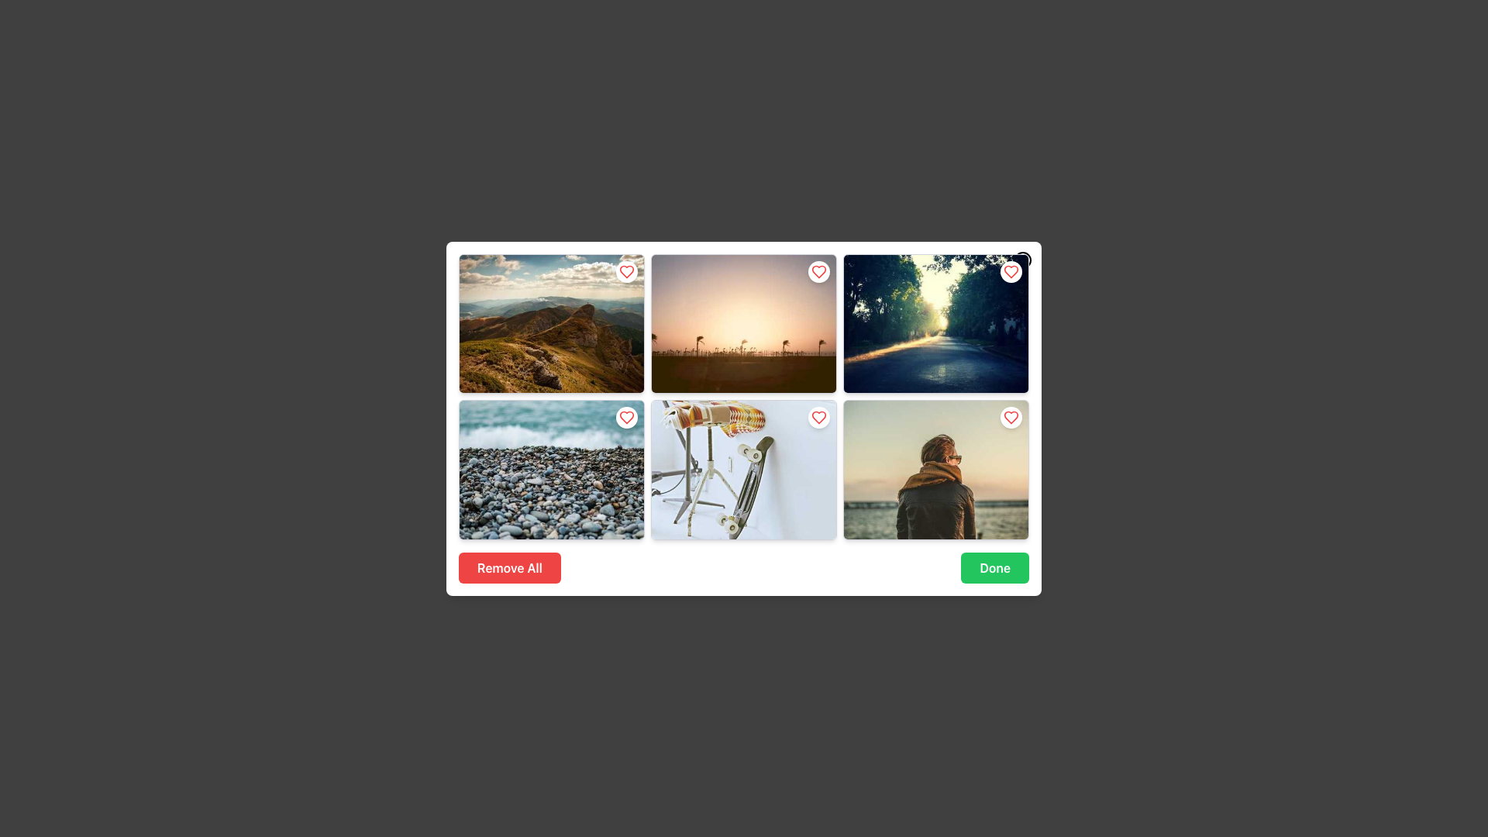 The height and width of the screenshot is (837, 1488). Describe the element at coordinates (1011, 270) in the screenshot. I see `the heart-shaped favorite toggle icon located at the upper-right corner of the third image in the top row of the grid layout to possibly view the tooltip` at that location.